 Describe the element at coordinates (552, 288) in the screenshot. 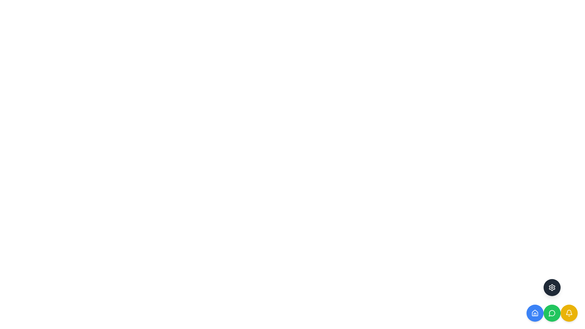

I see `the settings button located in the lower-right corner of the interface, which features a gear icon` at that location.